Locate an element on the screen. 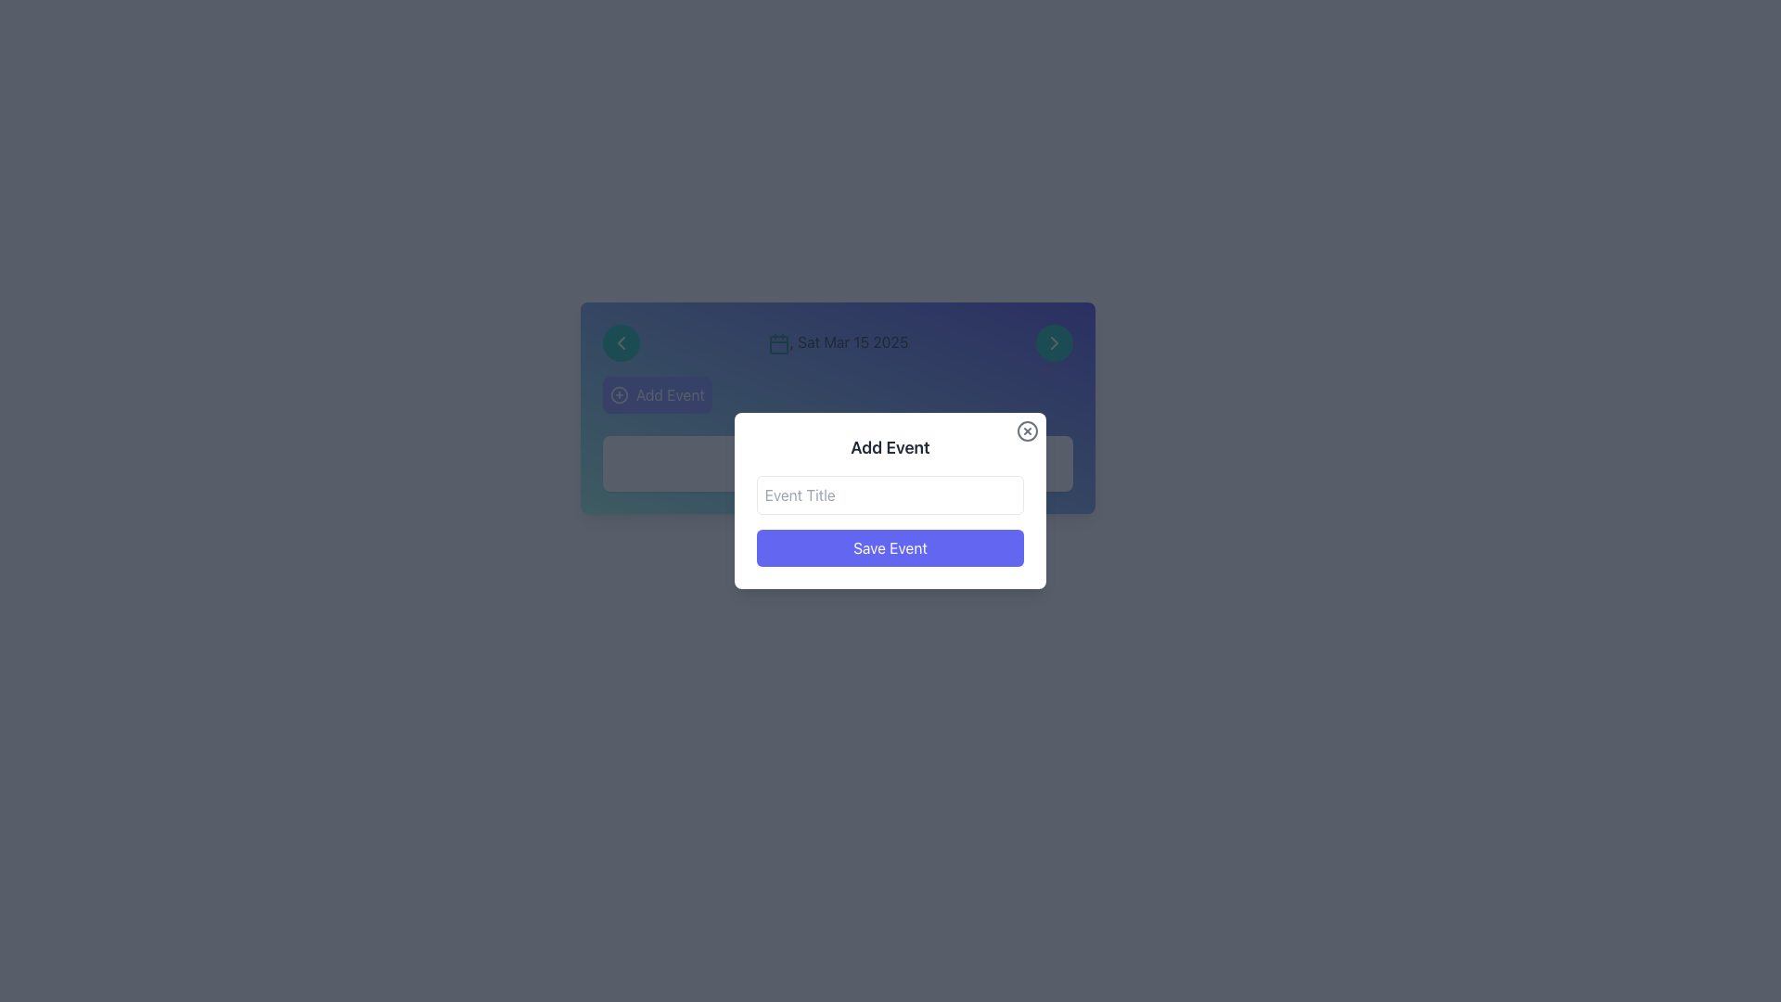 This screenshot has height=1002, width=1781. the circular icon with a plus sign, which is located to the left of the text 'Add Event' and enclosed in a purple button with rounded corners is located at coordinates (619, 393).